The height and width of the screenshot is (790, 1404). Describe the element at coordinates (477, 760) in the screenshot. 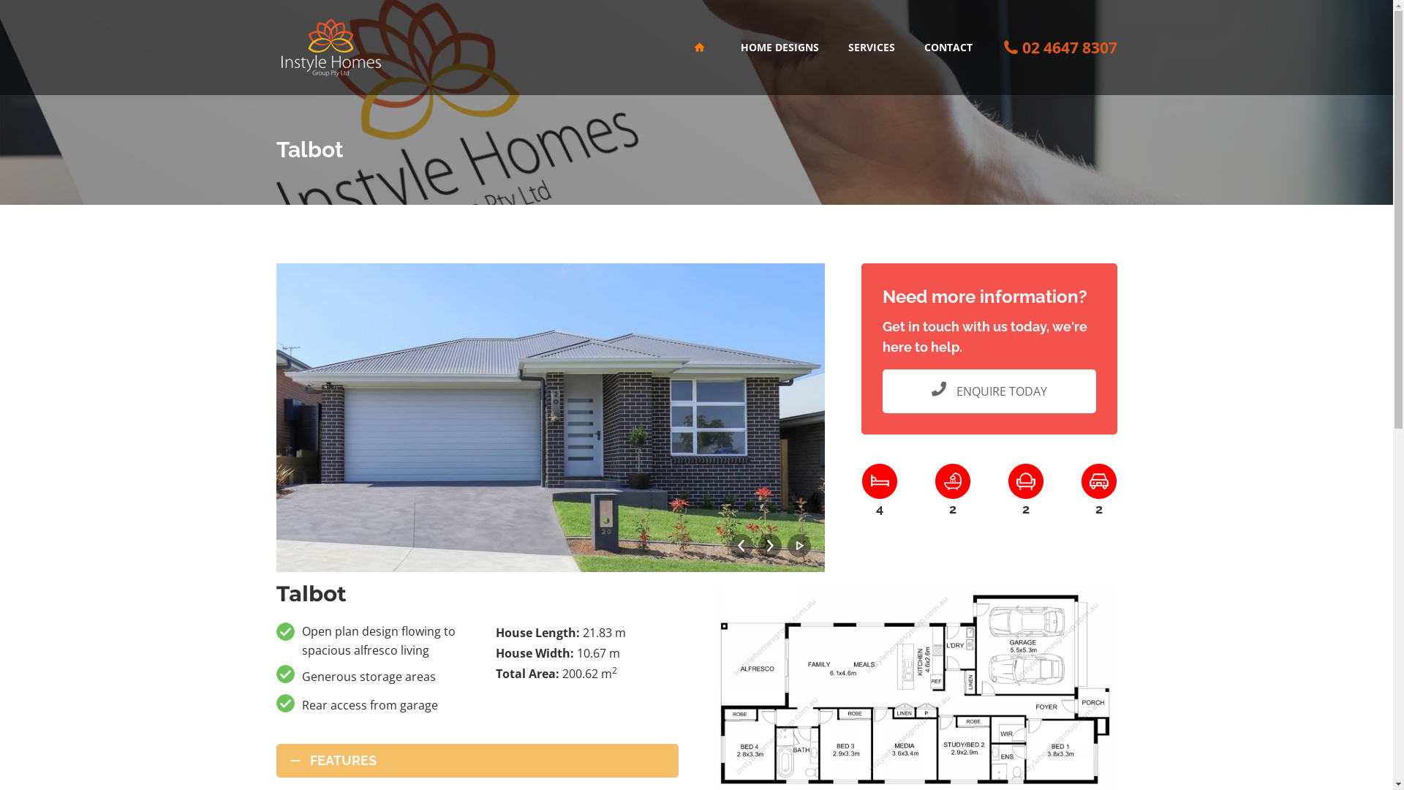

I see `'FEATURES'` at that location.